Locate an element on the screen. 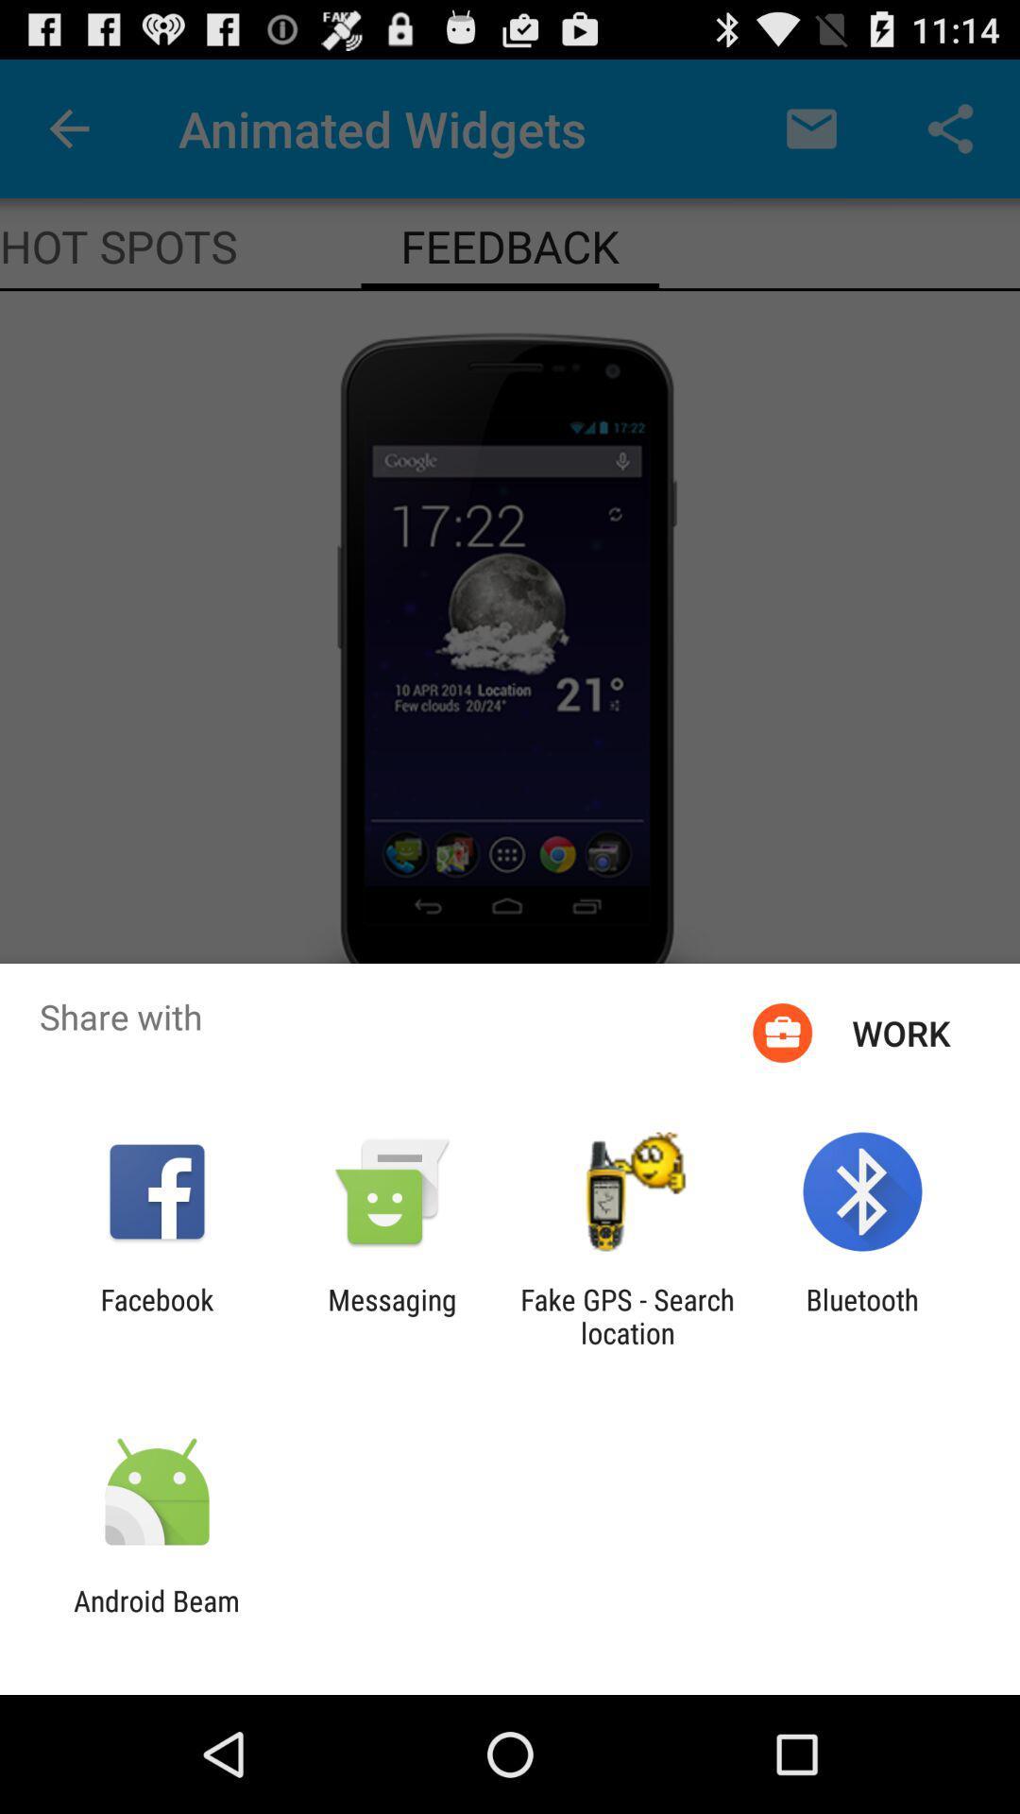  app next to the bluetooth app is located at coordinates (627, 1315).